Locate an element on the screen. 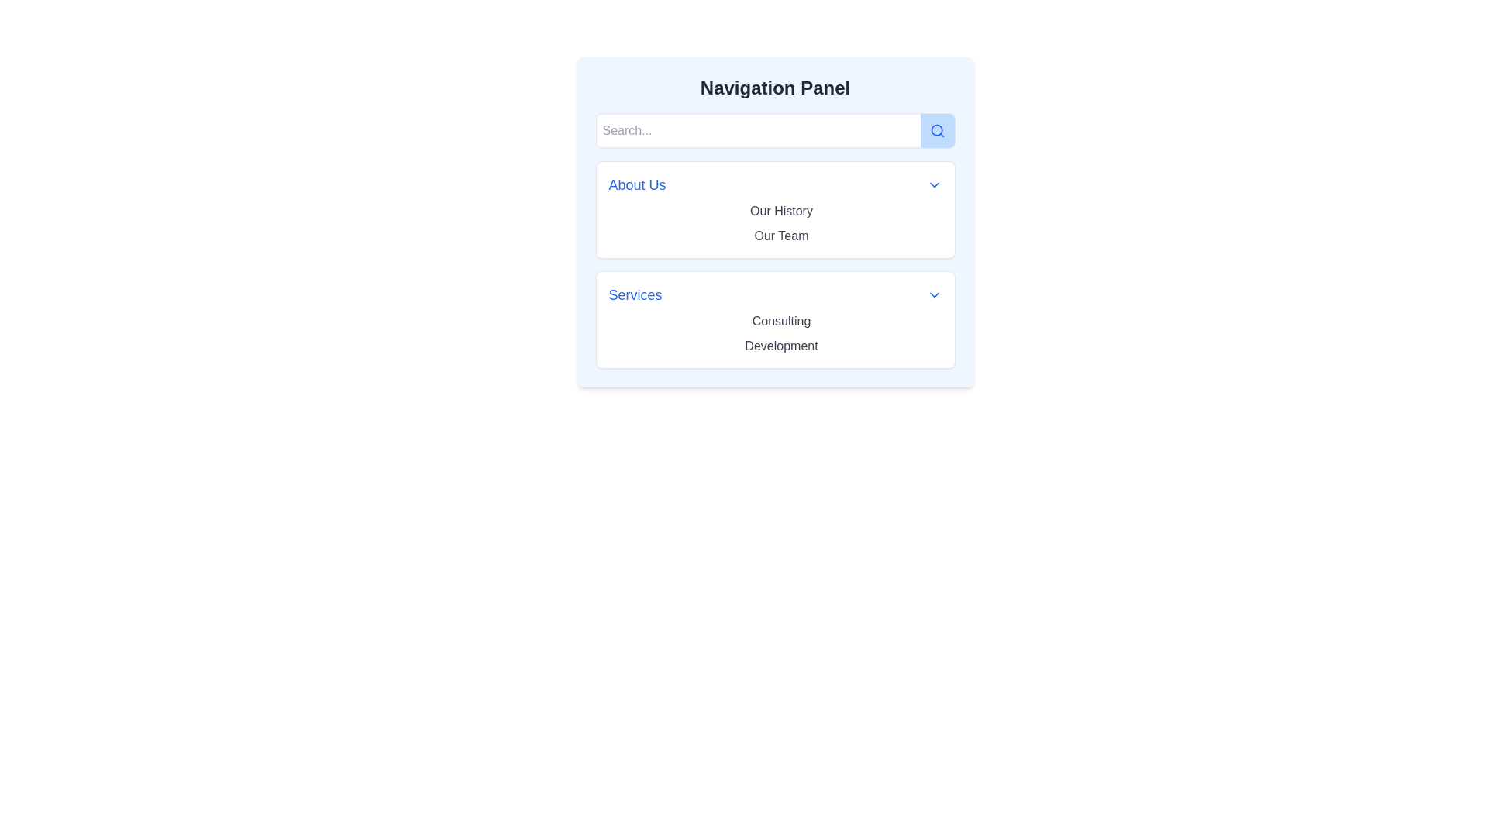 This screenshot has width=1488, height=837. the downward-pointing chevron icon located at the far right of the 'About Us' navigation entry is located at coordinates (933, 184).